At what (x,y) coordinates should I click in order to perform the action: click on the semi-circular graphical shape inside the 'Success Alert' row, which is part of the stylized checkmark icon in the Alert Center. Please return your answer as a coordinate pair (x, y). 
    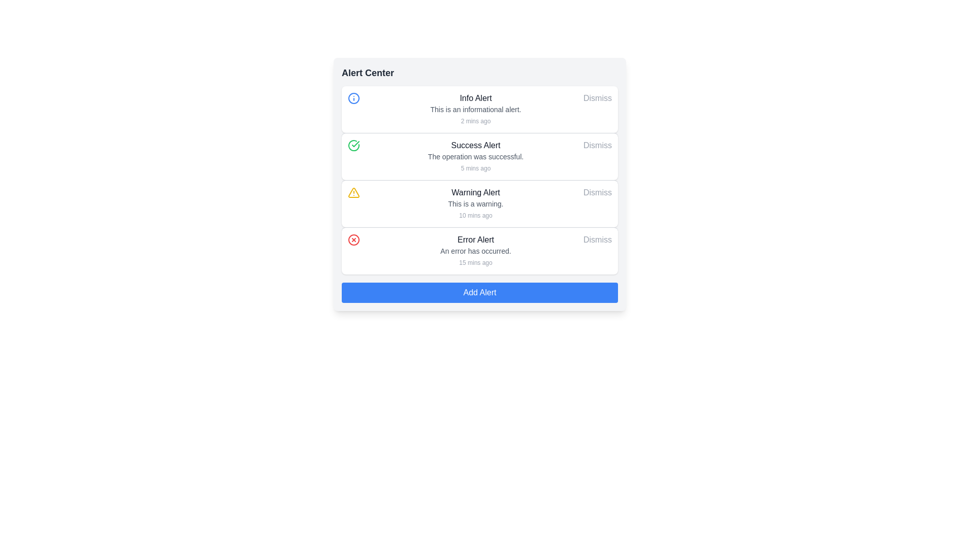
    Looking at the image, I should click on (353, 145).